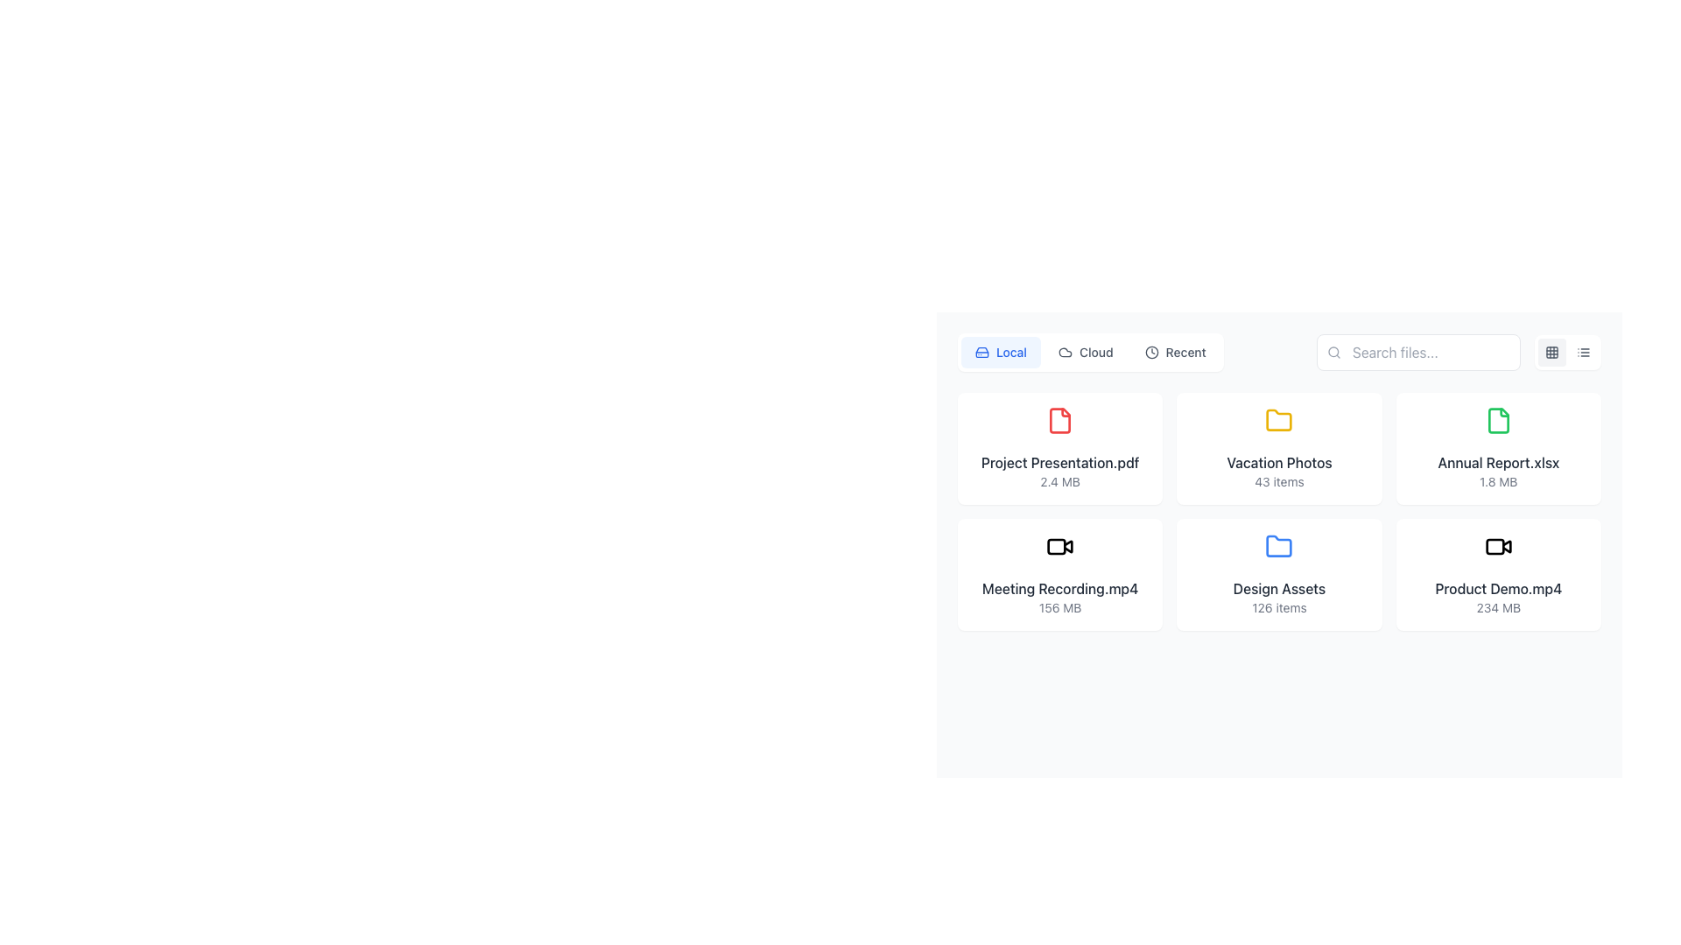 Image resolution: width=1681 pixels, height=945 pixels. Describe the element at coordinates (1175, 352) in the screenshot. I see `the button that switches the view of displayed items` at that location.